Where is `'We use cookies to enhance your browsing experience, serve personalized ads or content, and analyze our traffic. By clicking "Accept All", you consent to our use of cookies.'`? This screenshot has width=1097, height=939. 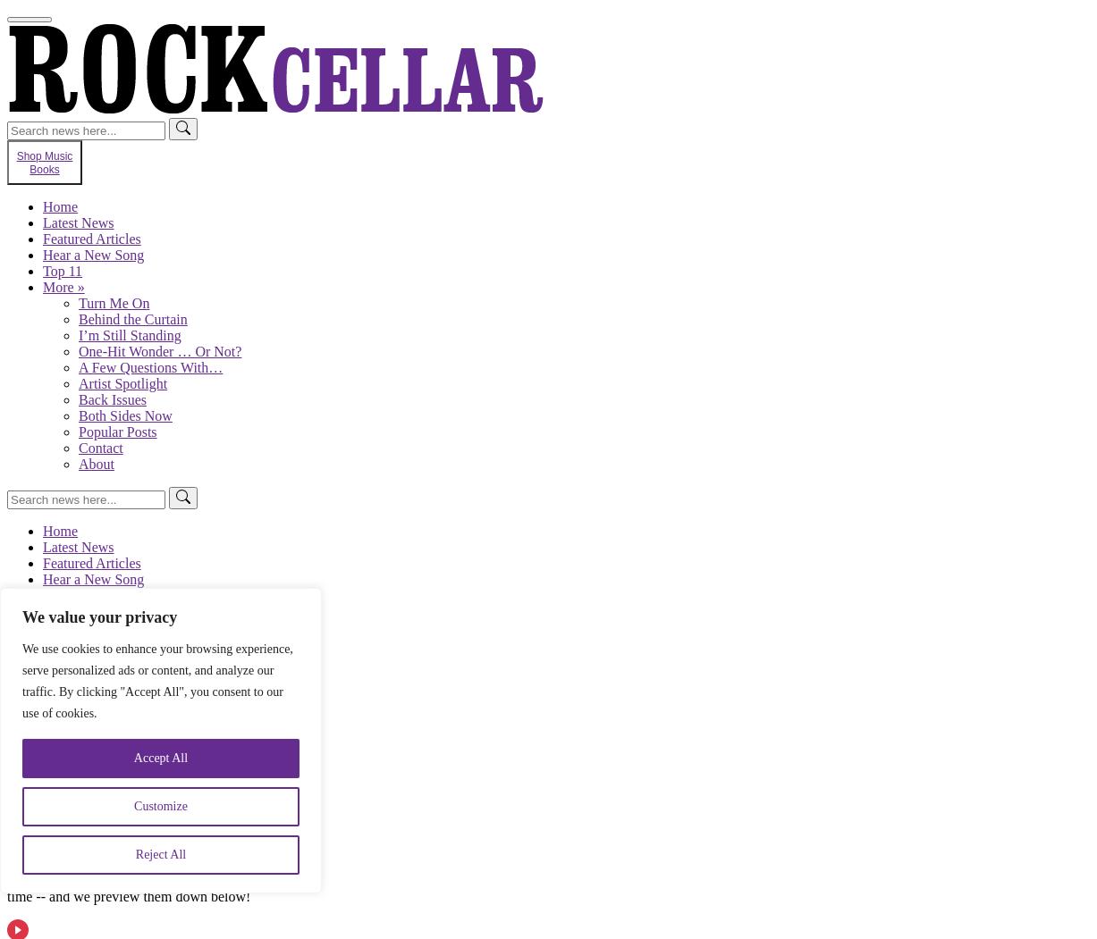 'We use cookies to enhance your browsing experience, serve personalized ads or content, and analyze our traffic. By clicking "Accept All", you consent to our use of cookies.' is located at coordinates (22, 681).